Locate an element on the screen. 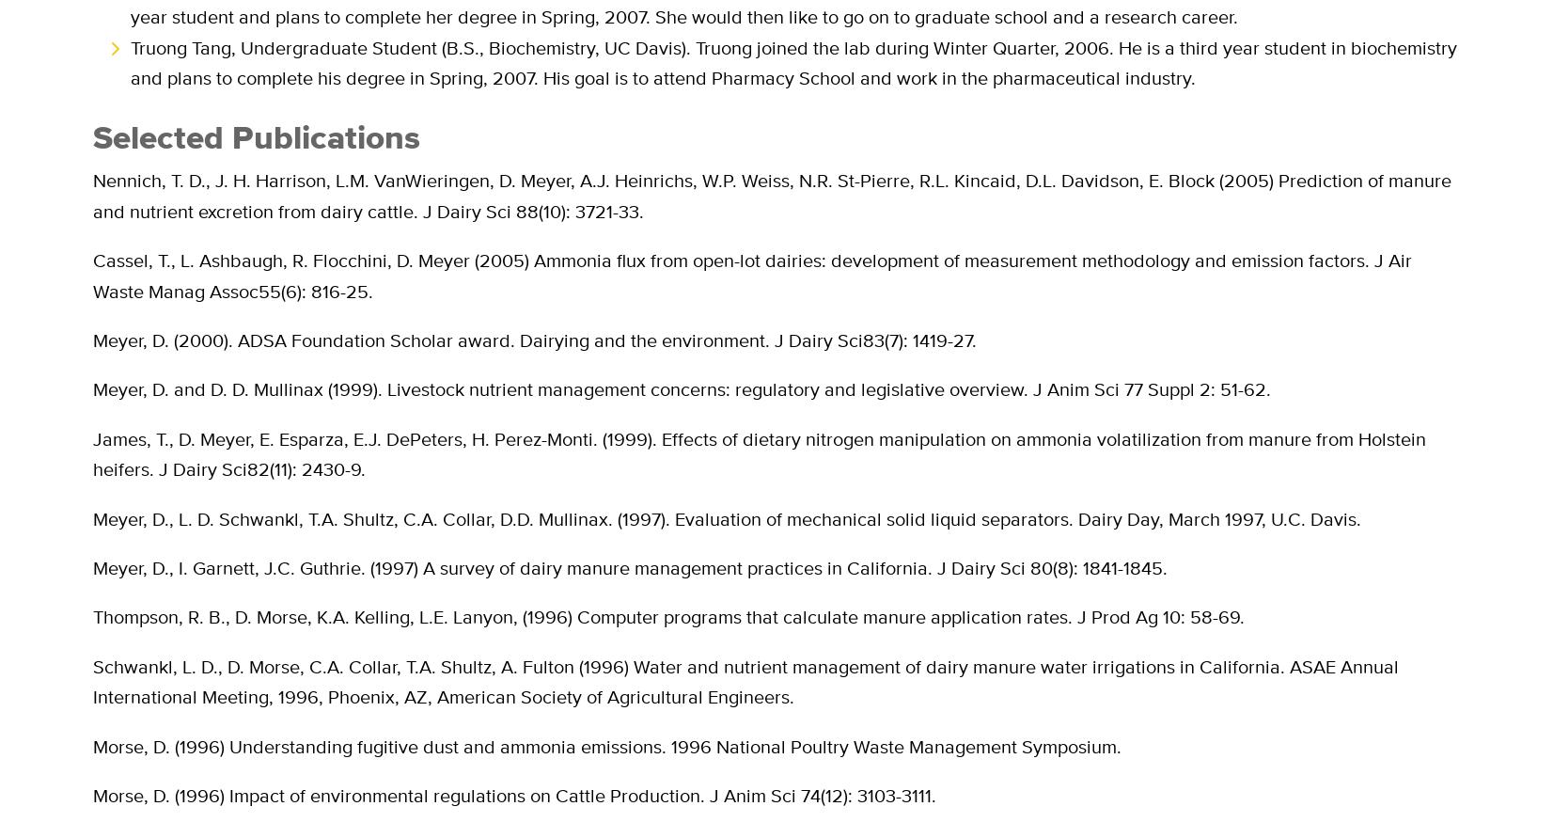 The height and width of the screenshot is (838, 1553). 'Morse, D. (1996) Impact of environmental regulations on Cattle Production. J Anim Sci 74(12): 3103-3111.' is located at coordinates (514, 794).